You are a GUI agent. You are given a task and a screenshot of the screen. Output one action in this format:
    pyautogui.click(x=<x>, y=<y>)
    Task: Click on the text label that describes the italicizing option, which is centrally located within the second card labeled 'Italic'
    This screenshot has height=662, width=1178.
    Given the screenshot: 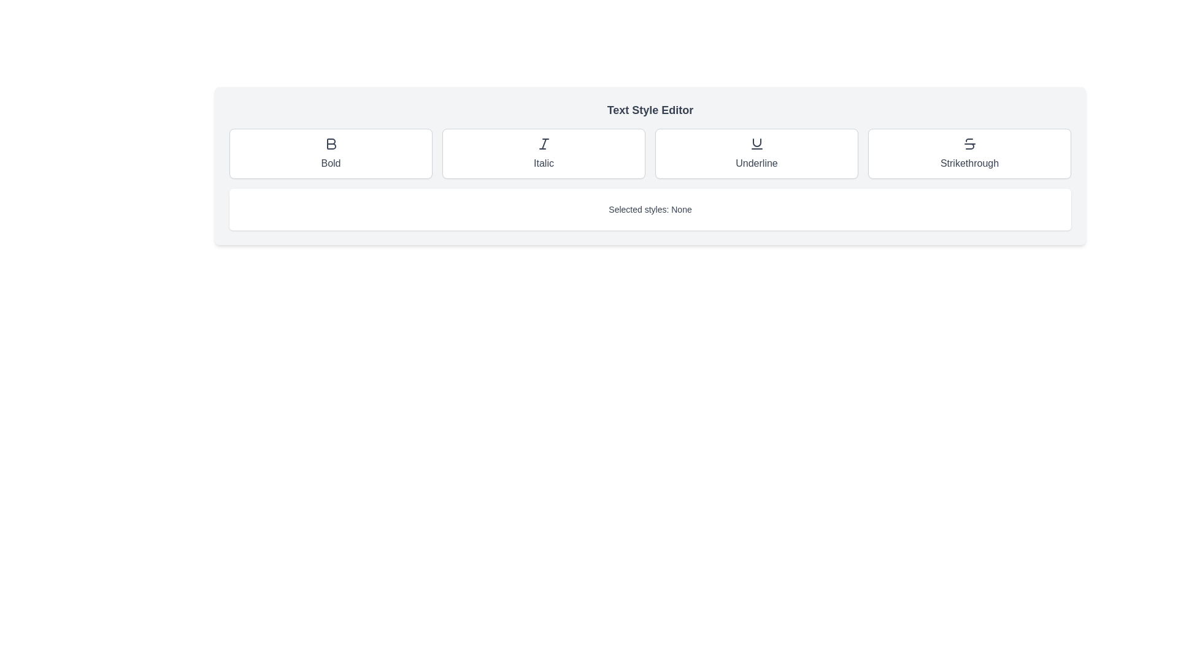 What is the action you would take?
    pyautogui.click(x=543, y=162)
    